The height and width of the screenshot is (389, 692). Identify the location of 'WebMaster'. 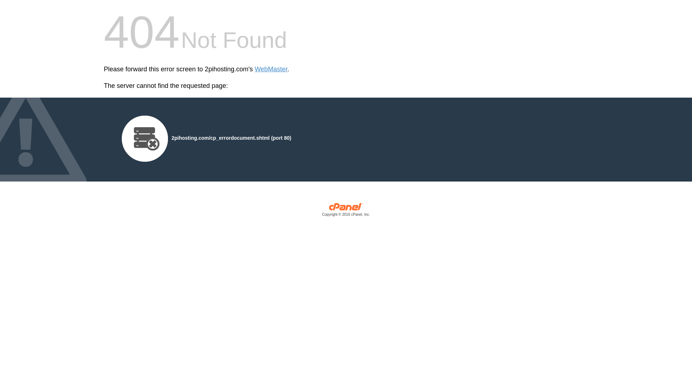
(271, 69).